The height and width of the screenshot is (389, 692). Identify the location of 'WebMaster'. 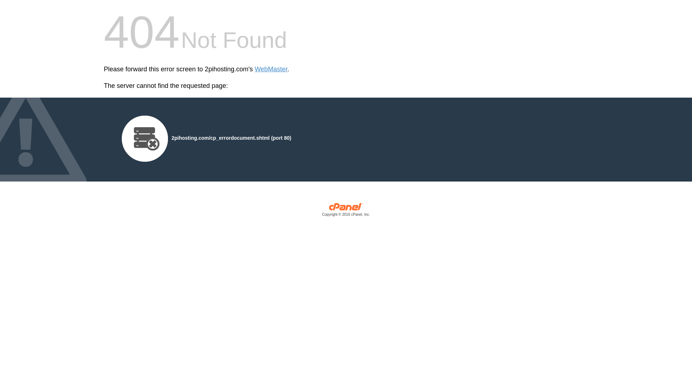
(271, 69).